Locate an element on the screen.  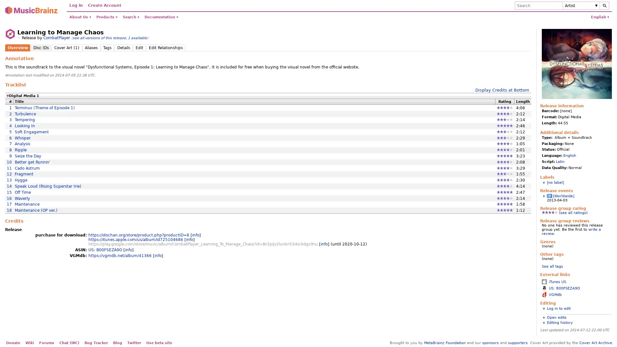
Search is located at coordinates (604, 5).